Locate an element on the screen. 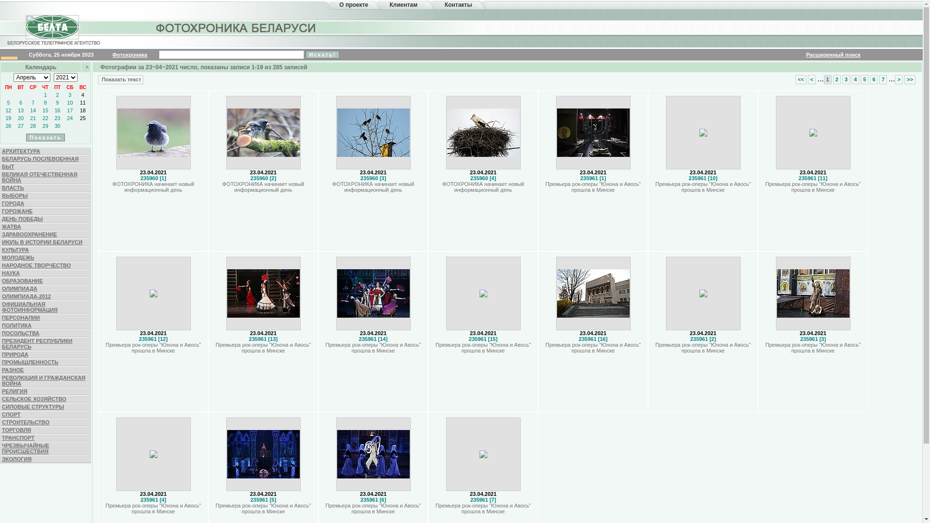 Image resolution: width=930 pixels, height=523 pixels. '6' is located at coordinates (21, 103).